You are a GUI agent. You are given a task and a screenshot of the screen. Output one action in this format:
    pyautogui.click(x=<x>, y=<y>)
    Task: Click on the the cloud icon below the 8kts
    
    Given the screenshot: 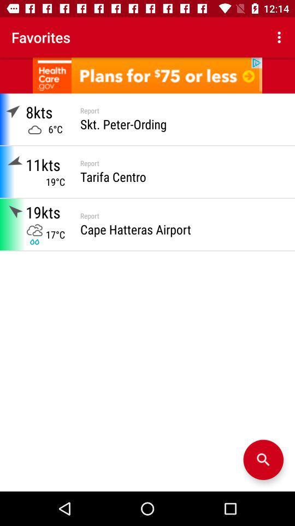 What is the action you would take?
    pyautogui.click(x=34, y=130)
    